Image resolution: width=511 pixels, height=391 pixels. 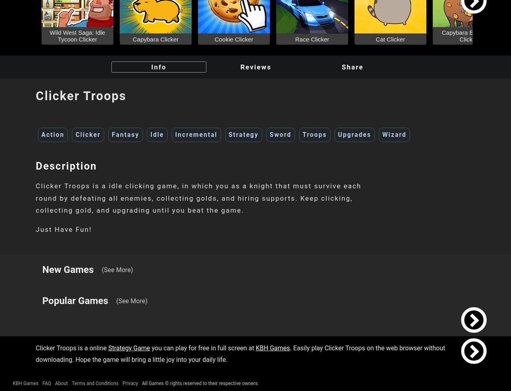 What do you see at coordinates (46, 383) in the screenshot?
I see `'FAQ'` at bounding box center [46, 383].